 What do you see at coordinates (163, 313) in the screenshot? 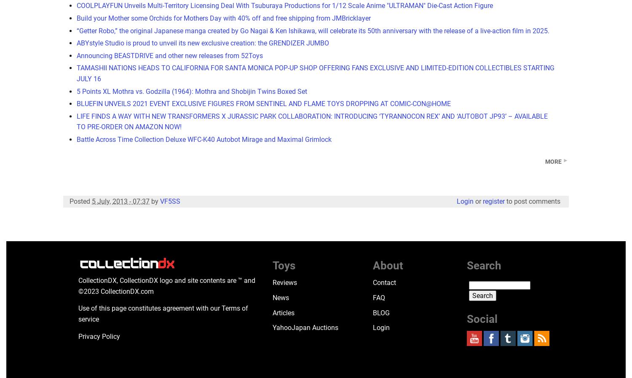
I see `'Terms of service'` at bounding box center [163, 313].